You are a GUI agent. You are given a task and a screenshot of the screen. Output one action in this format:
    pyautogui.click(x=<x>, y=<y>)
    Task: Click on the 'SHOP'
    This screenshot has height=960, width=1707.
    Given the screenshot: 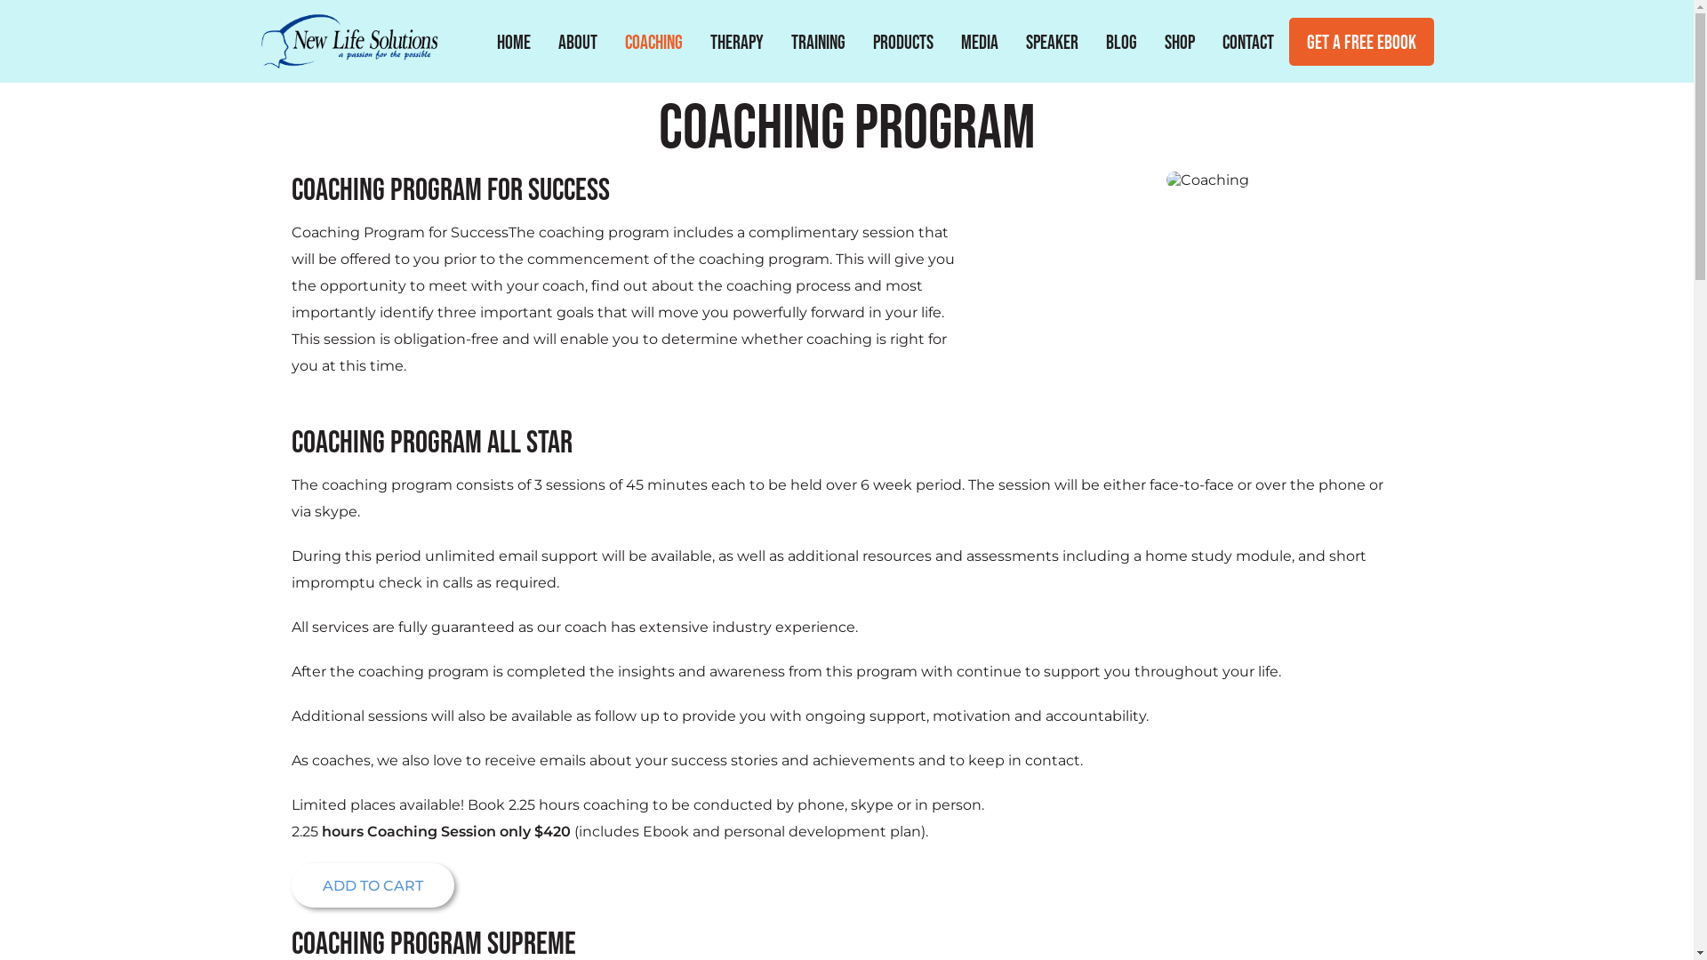 What is the action you would take?
    pyautogui.click(x=1178, y=40)
    